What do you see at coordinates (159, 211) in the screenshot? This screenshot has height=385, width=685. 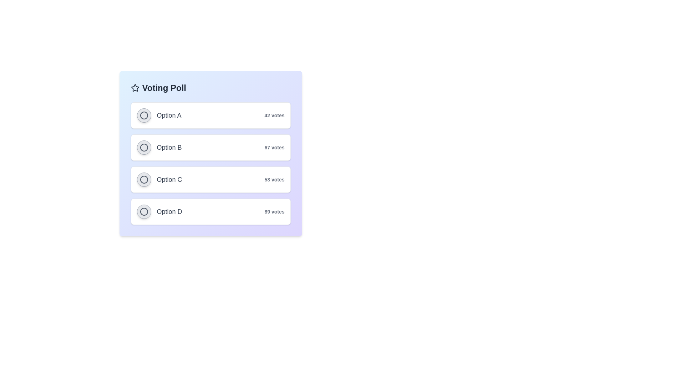 I see `the radio button for 'Option D'` at bounding box center [159, 211].